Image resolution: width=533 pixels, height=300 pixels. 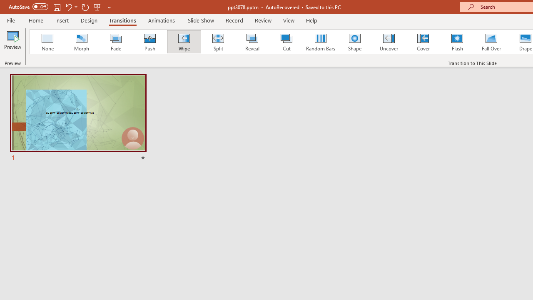 What do you see at coordinates (81, 42) in the screenshot?
I see `'Morph'` at bounding box center [81, 42].